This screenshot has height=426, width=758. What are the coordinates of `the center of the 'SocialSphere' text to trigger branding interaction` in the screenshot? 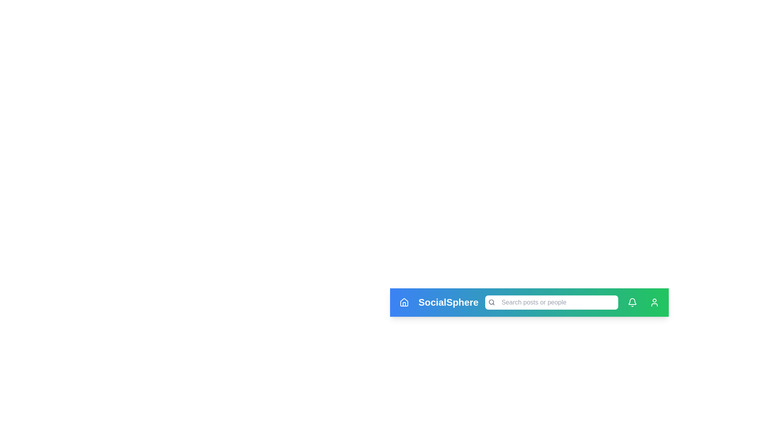 It's located at (448, 302).